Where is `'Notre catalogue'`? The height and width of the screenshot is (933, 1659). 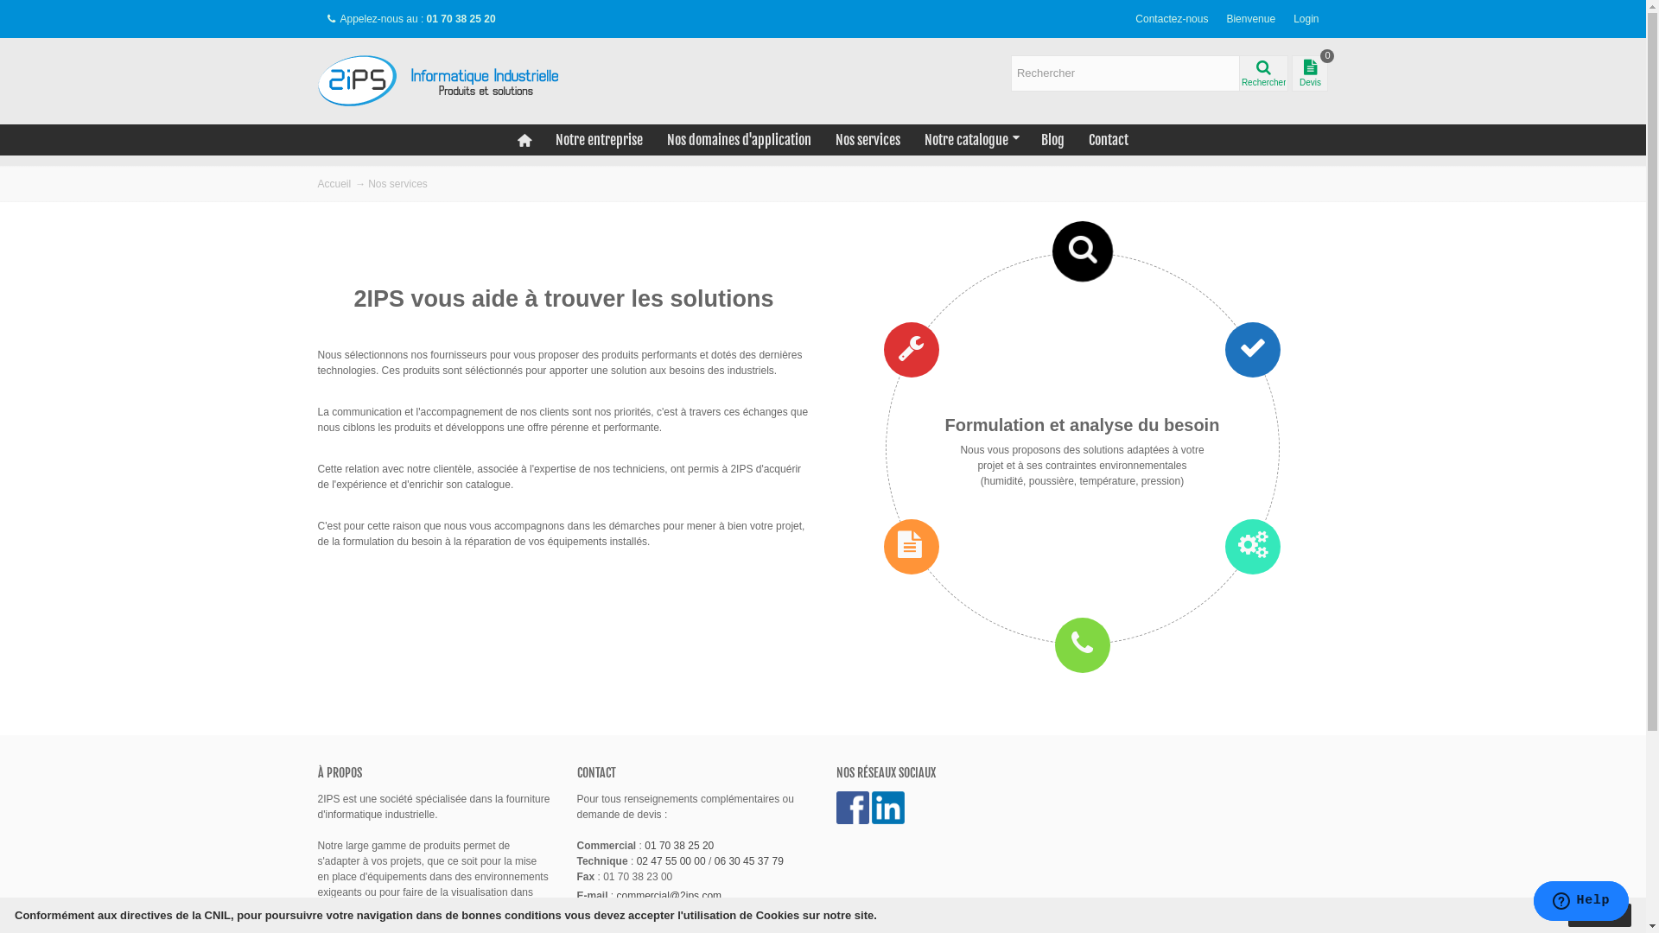
'Notre catalogue' is located at coordinates (912, 139).